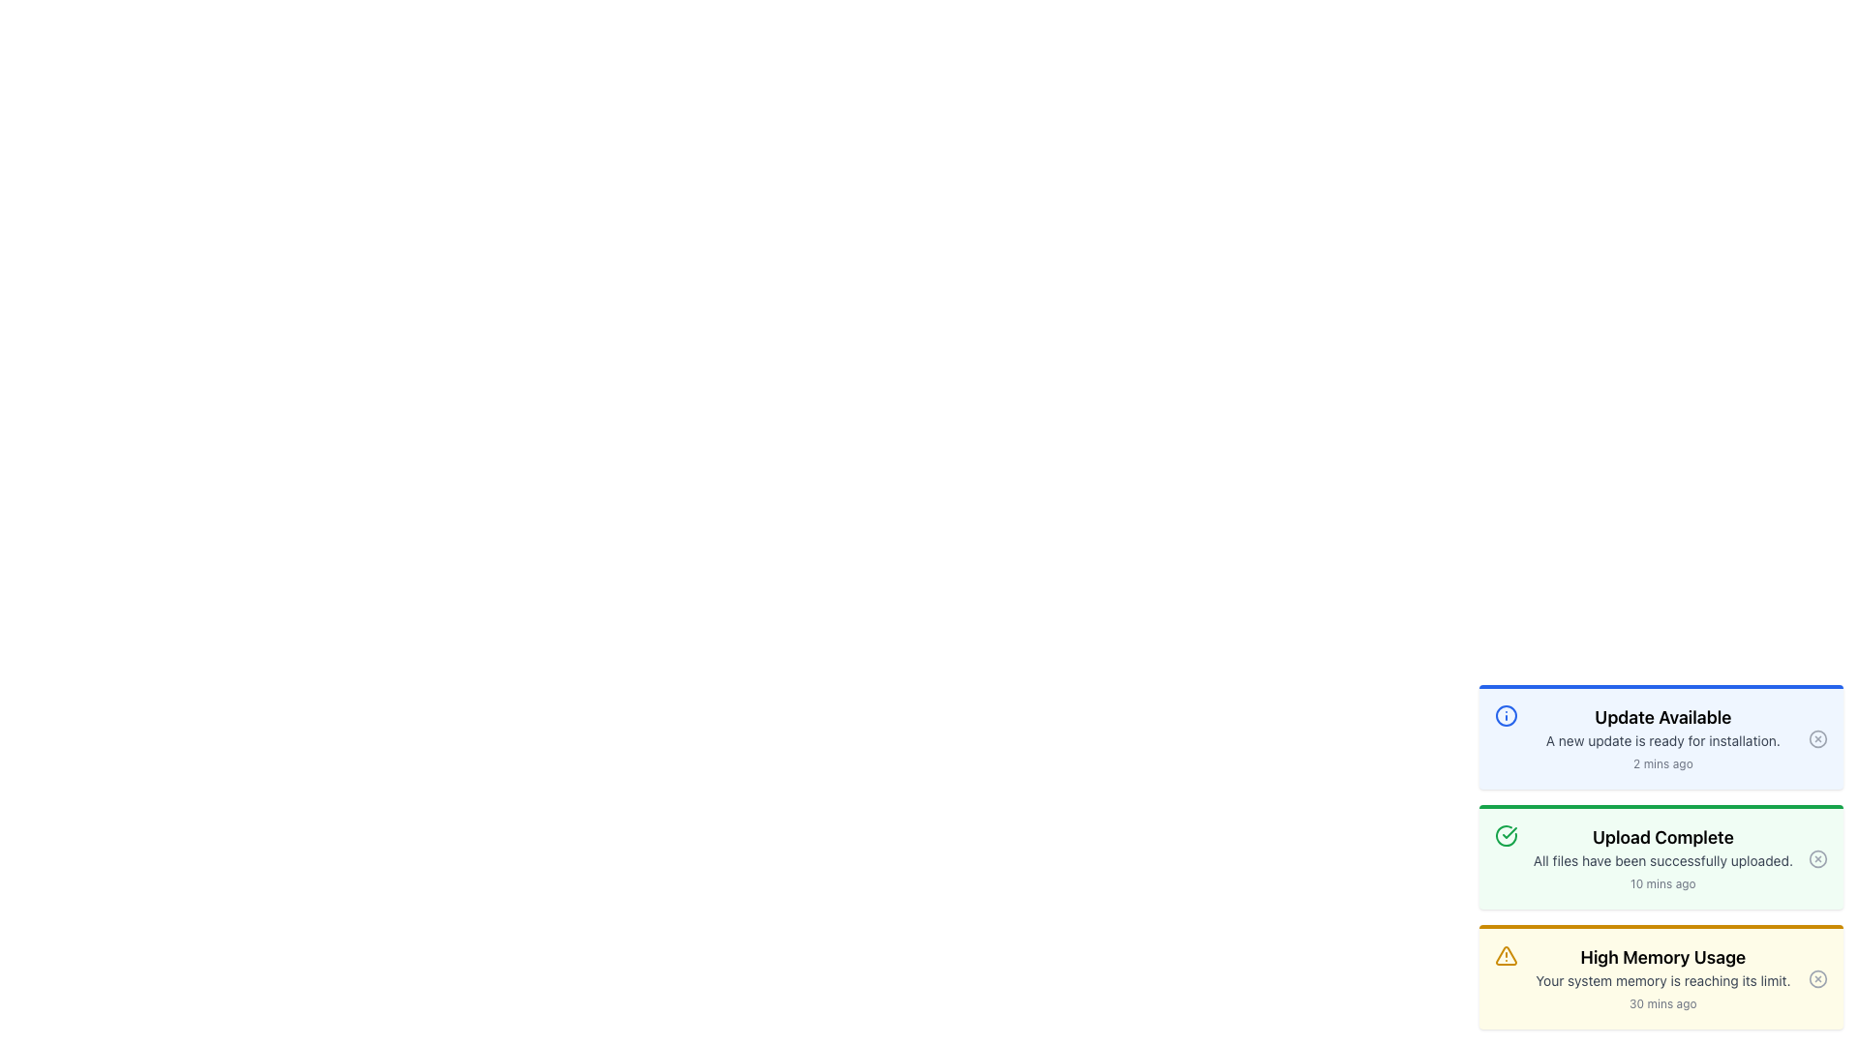  What do you see at coordinates (1661, 857) in the screenshot?
I see `title from the notification area that displays 'Upload Complete' with a green background in the second notification card` at bounding box center [1661, 857].